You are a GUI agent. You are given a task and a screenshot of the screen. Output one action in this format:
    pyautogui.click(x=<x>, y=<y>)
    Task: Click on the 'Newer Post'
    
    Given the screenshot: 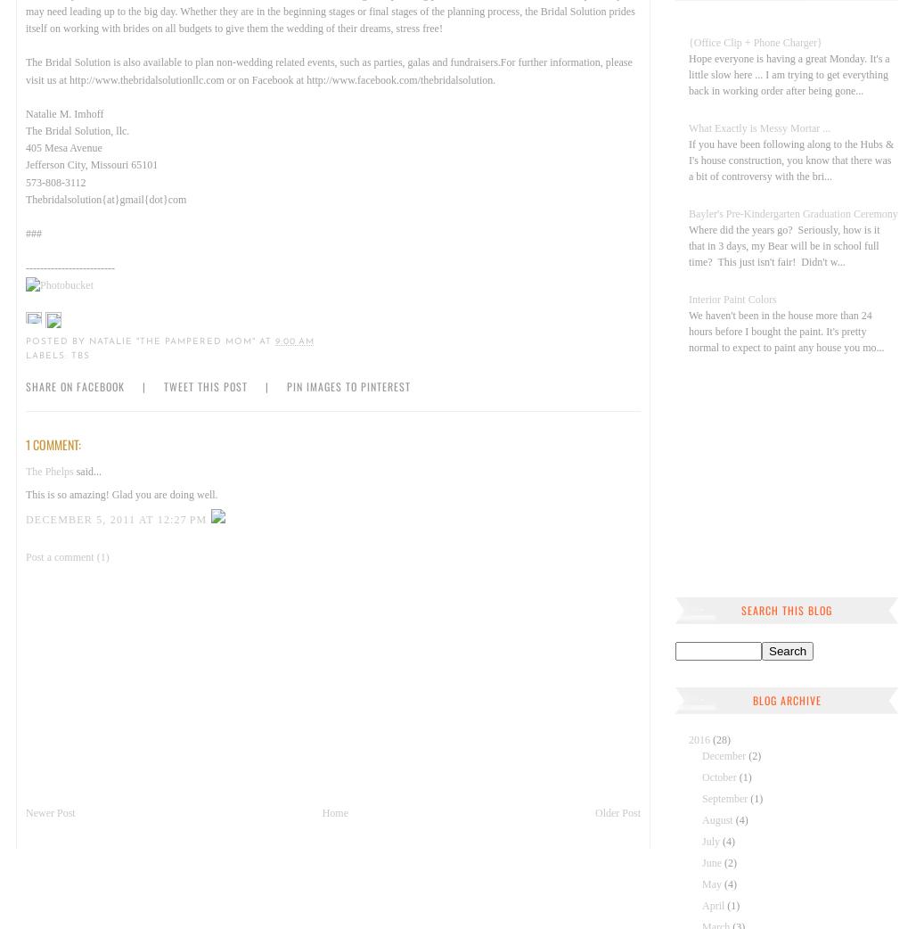 What is the action you would take?
    pyautogui.click(x=50, y=811)
    